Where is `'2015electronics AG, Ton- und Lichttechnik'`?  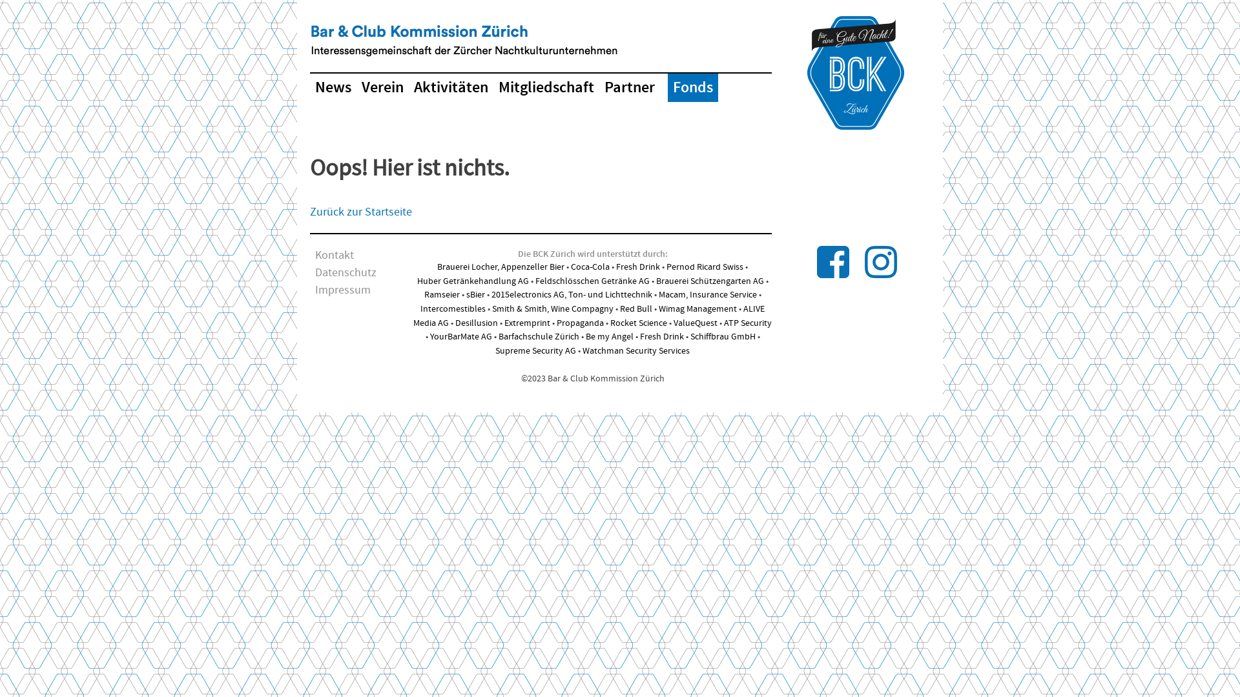 '2015electronics AG, Ton- und Lichttechnik' is located at coordinates (570, 294).